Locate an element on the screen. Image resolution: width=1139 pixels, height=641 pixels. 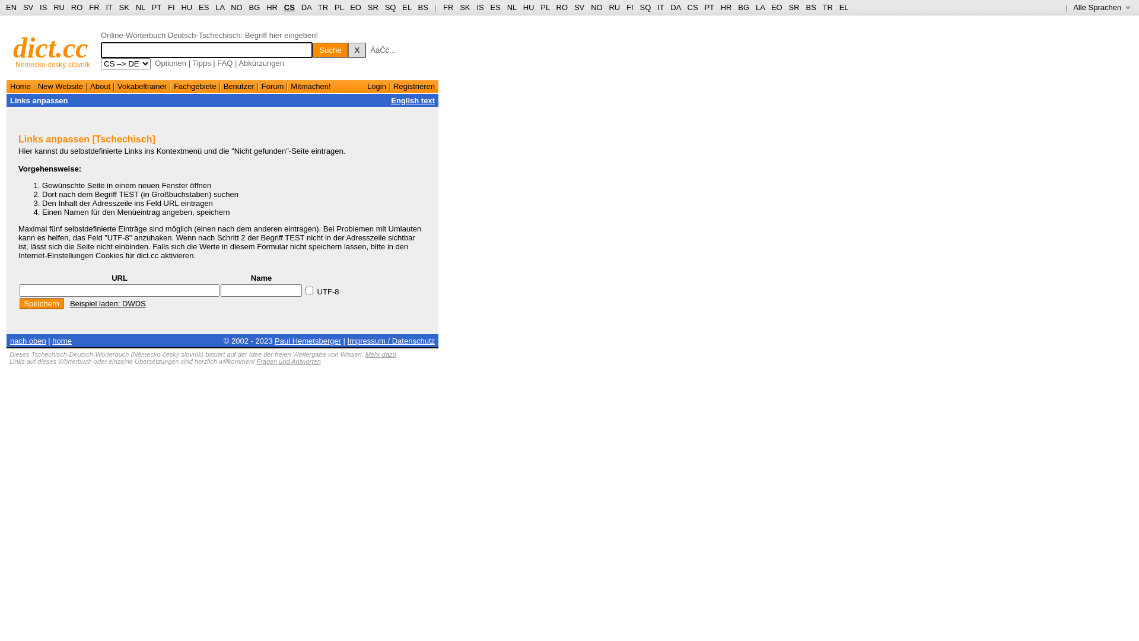
'Vokabeltrainer' is located at coordinates (142, 85).